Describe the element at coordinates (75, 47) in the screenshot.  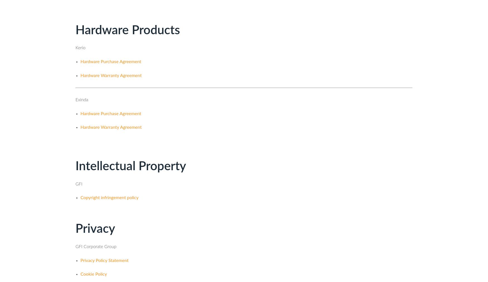
I see `'Kerio'` at that location.